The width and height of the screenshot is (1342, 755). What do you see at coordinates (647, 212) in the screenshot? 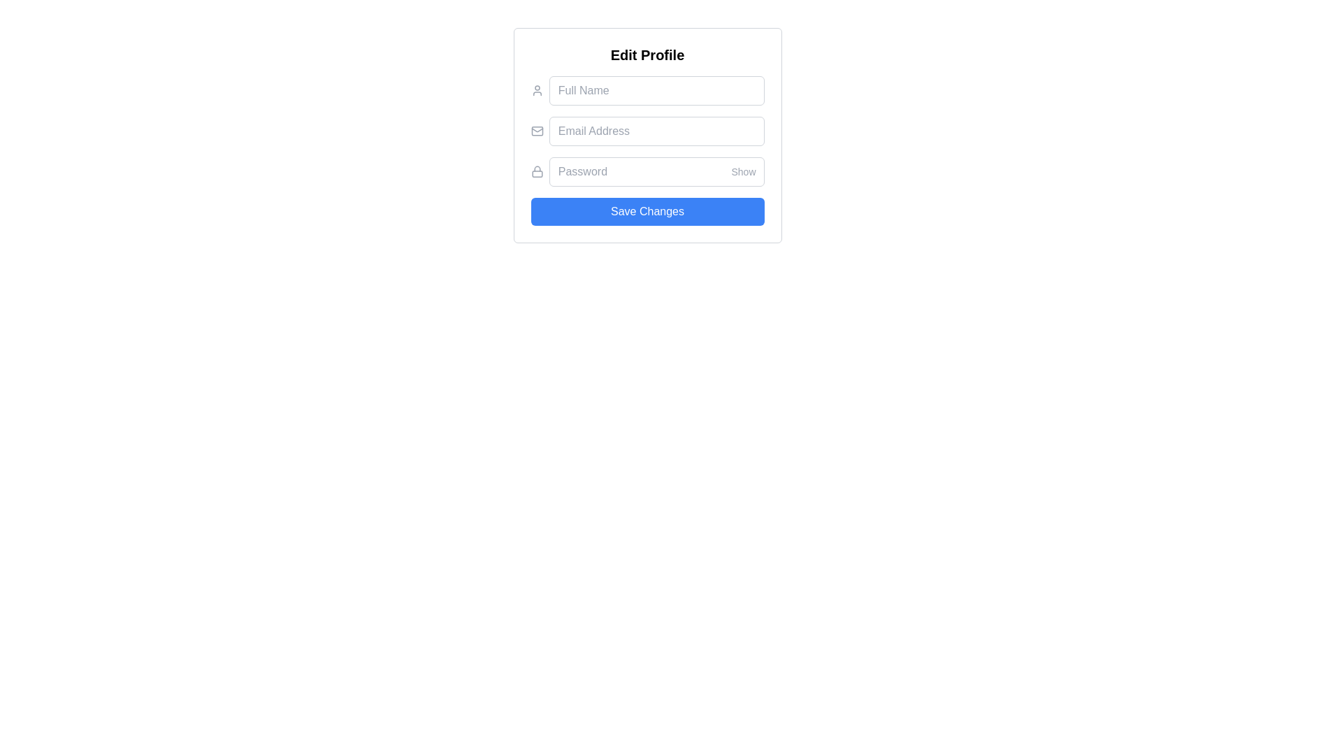
I see `the submit button located at the bottom of the form` at bounding box center [647, 212].